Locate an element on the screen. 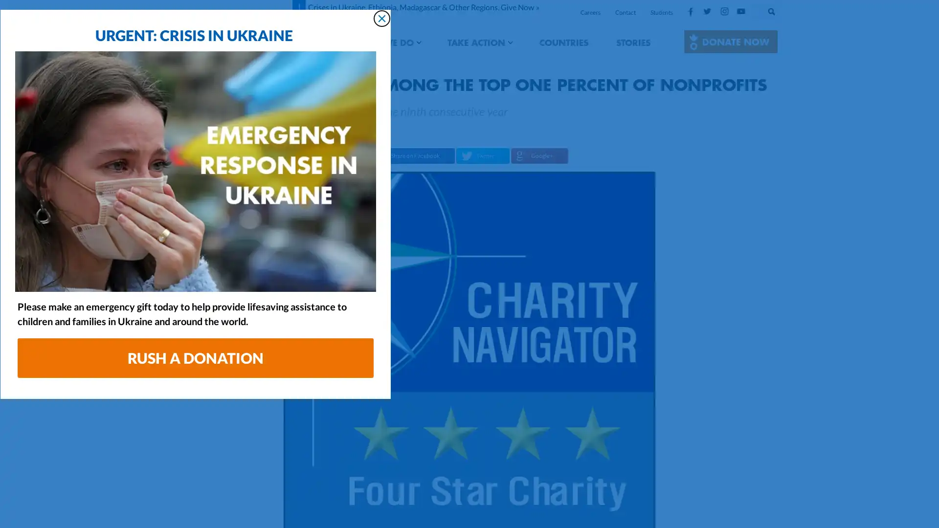 This screenshot has height=528, width=939. Close is located at coordinates (655, 77).